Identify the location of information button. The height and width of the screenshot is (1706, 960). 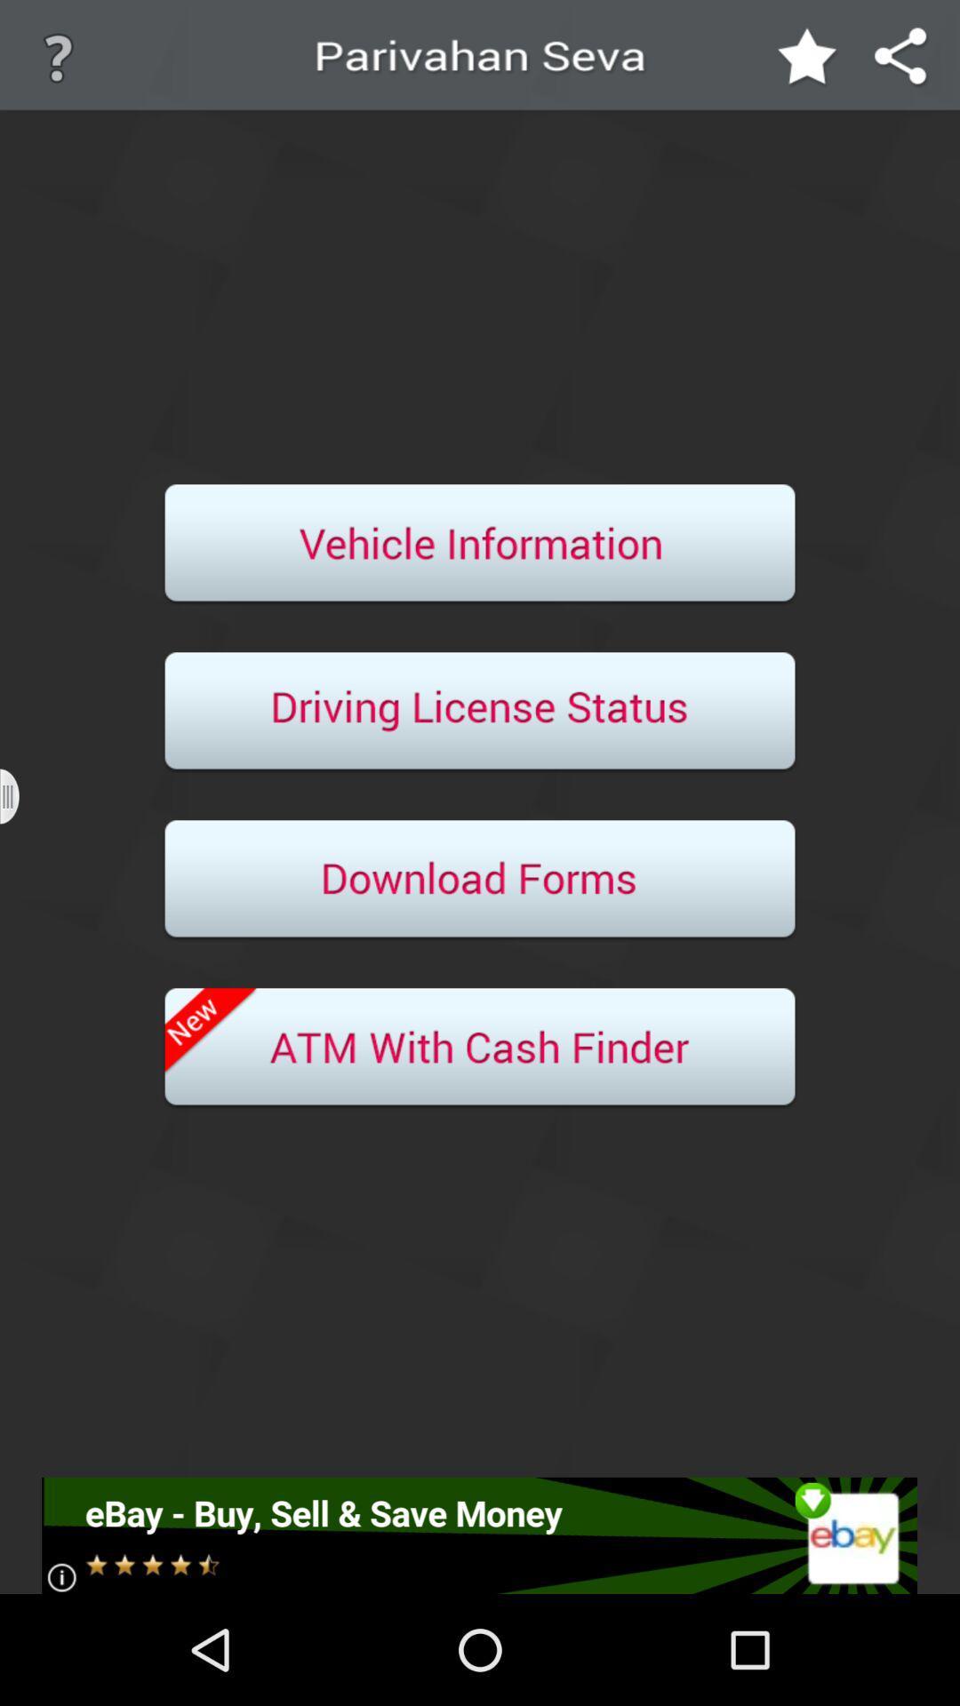
(480, 544).